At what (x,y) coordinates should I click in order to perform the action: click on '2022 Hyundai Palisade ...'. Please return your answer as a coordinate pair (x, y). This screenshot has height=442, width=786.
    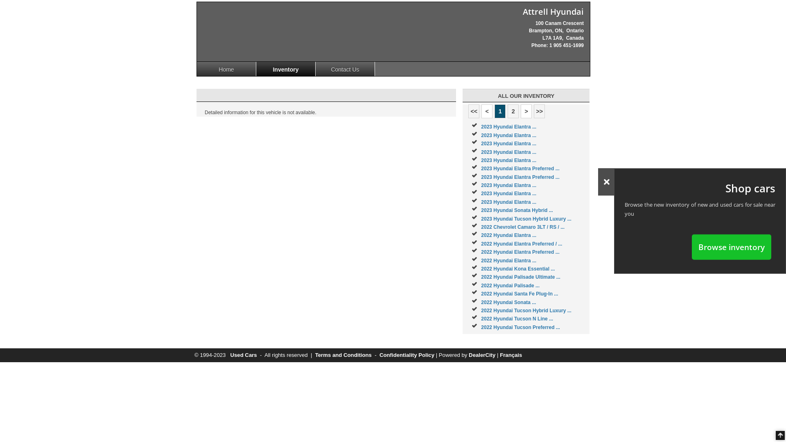
    Looking at the image, I should click on (481, 285).